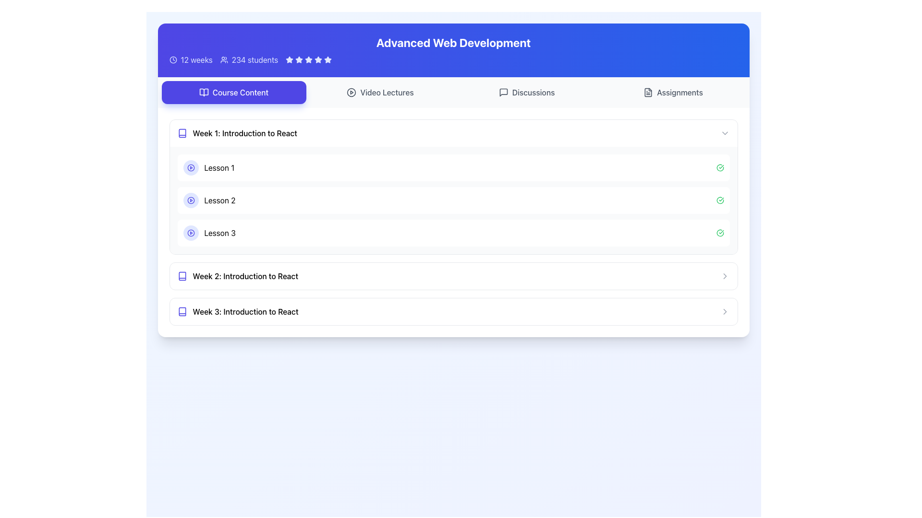 The height and width of the screenshot is (518, 922). I want to click on the text label indicating 'Lesson 2' in the 'Week 1: Introduction to React' section, so click(219, 200).